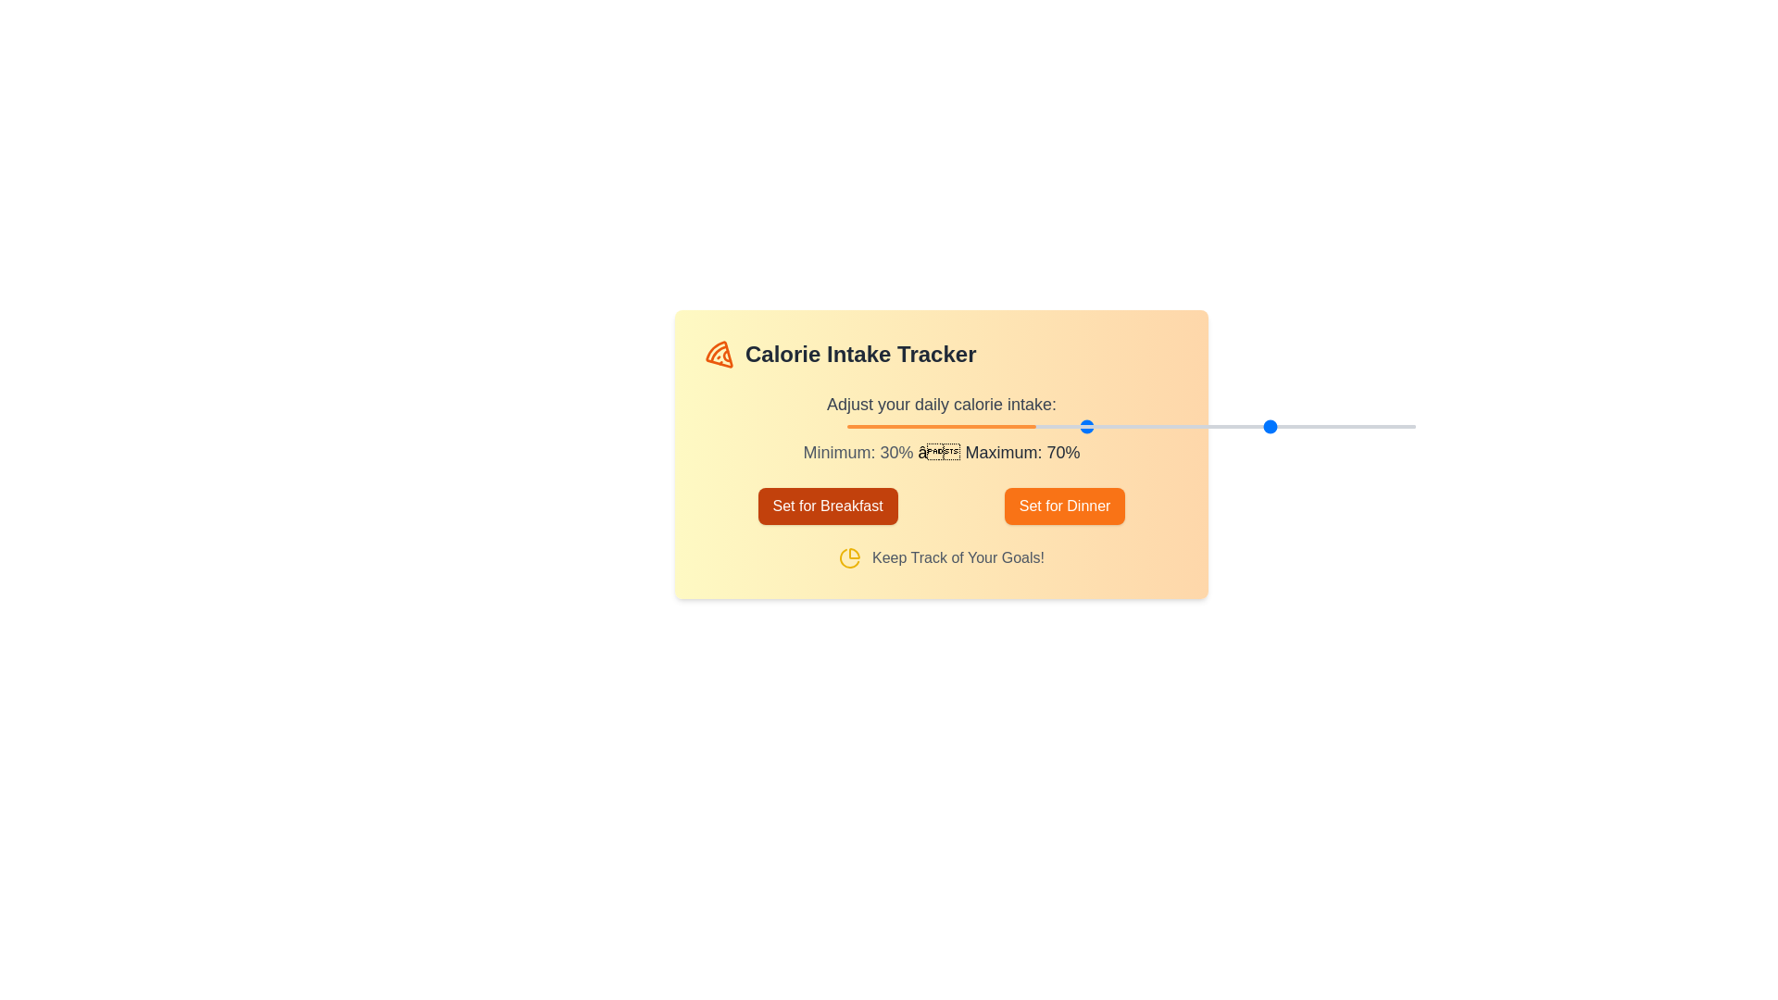  Describe the element at coordinates (942, 453) in the screenshot. I see `the text display showing 'Minimum: 30% – Maximum: 70%' which is positioned below 'Adjust your daily calorie intake:' and above the buttons 'Set for Breakfast' and 'Set for Dinner'` at that location.